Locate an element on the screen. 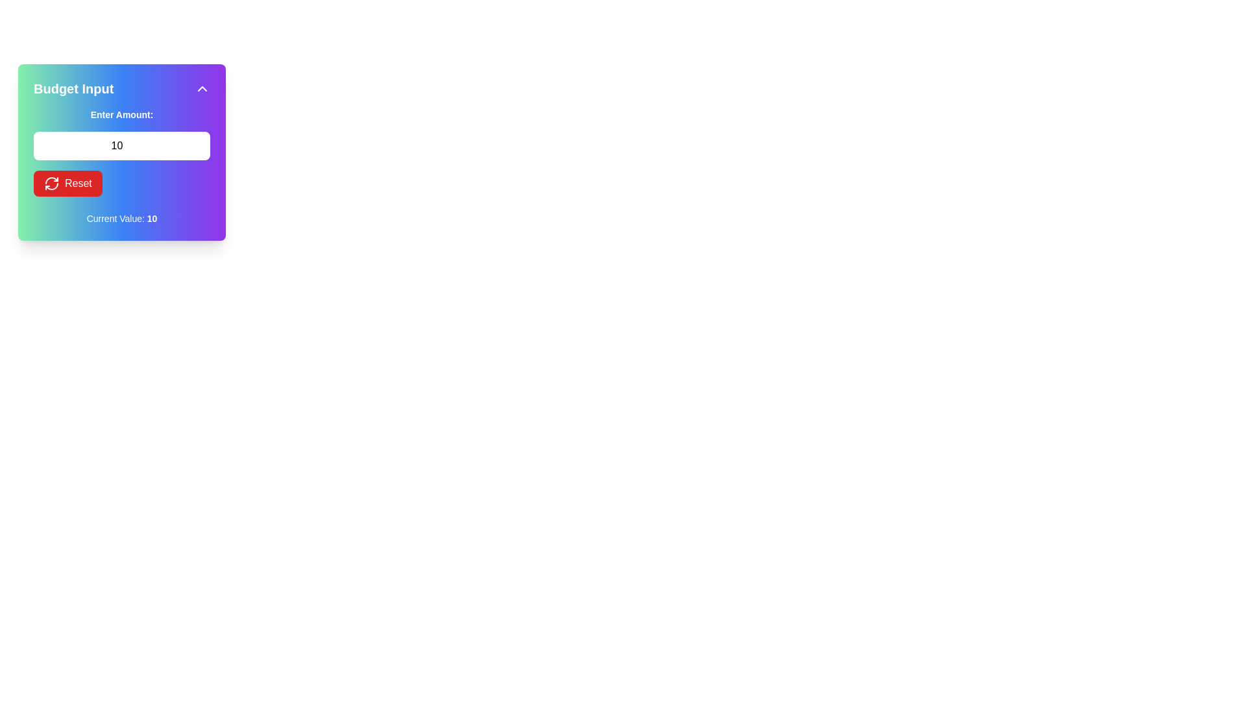 This screenshot has height=701, width=1246. the decorative icon located inside the red 'Reset' button, which visually represents the action of resetting or refreshing is located at coordinates (52, 183).